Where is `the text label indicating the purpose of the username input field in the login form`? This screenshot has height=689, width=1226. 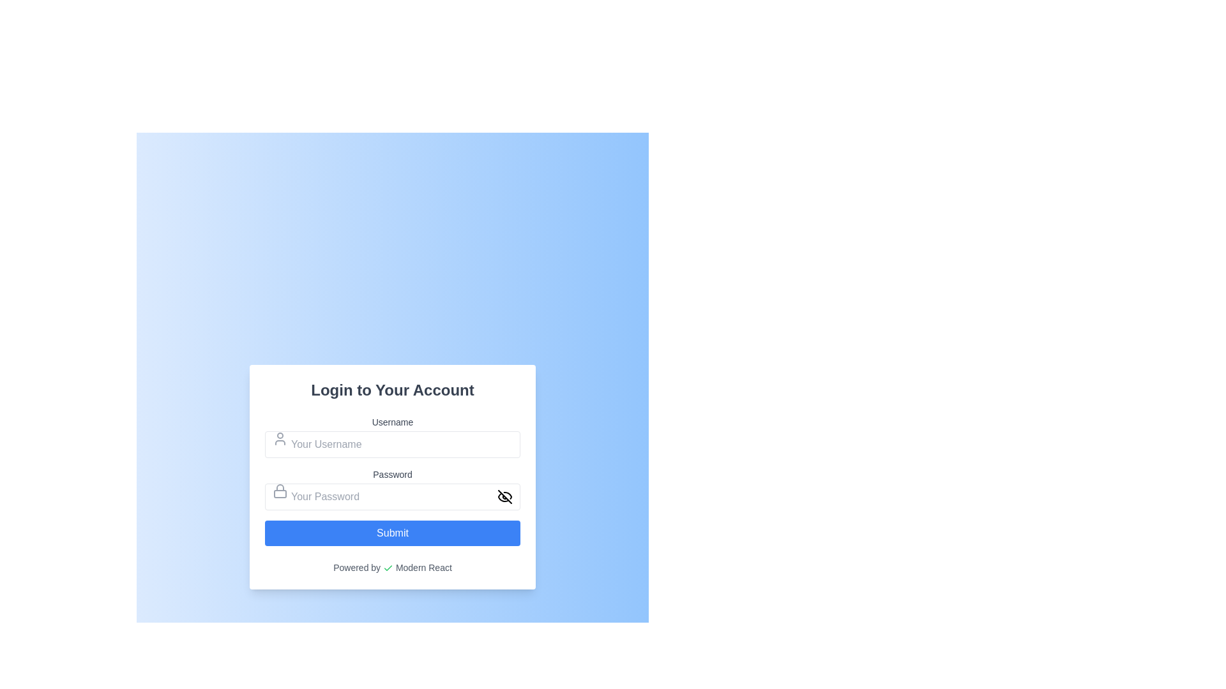 the text label indicating the purpose of the username input field in the login form is located at coordinates (391, 422).